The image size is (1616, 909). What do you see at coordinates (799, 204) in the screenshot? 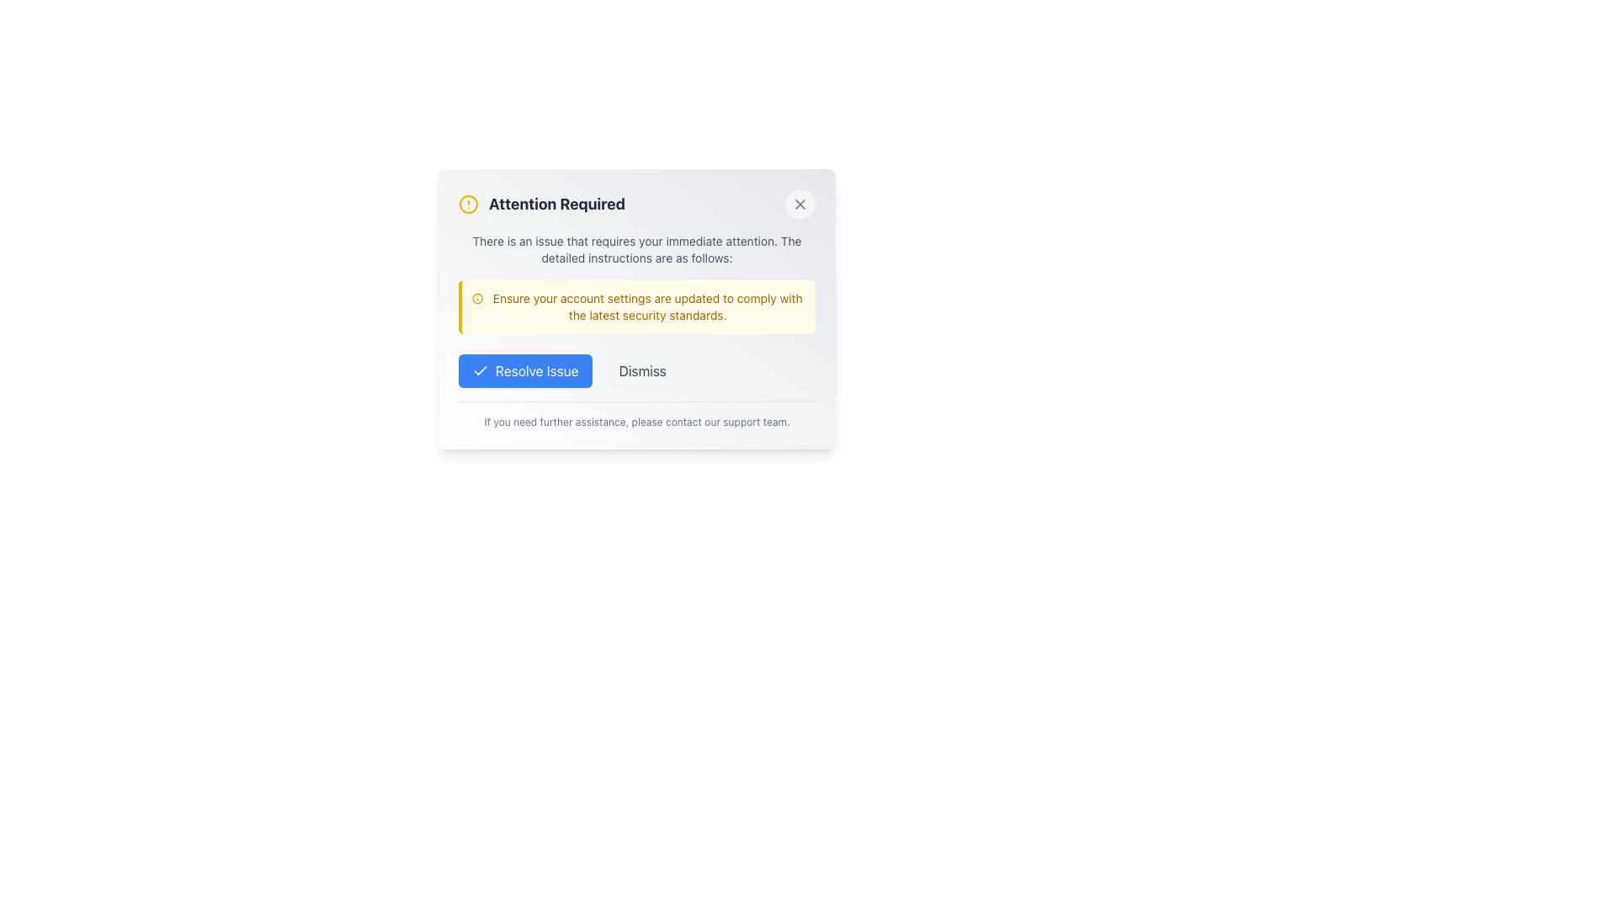
I see `the inner graphical content of the close button icon located in the top-right corner of the modal` at bounding box center [799, 204].